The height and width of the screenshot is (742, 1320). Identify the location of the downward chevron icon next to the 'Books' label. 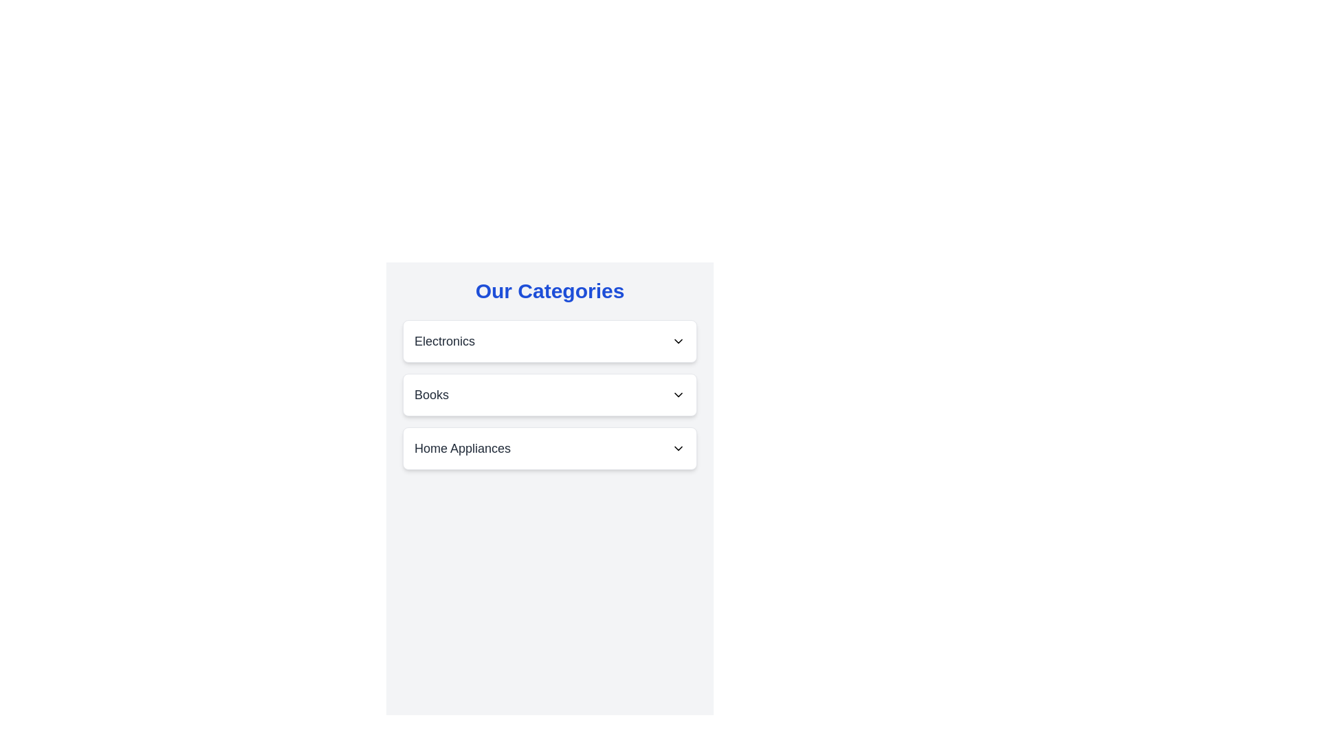
(679, 394).